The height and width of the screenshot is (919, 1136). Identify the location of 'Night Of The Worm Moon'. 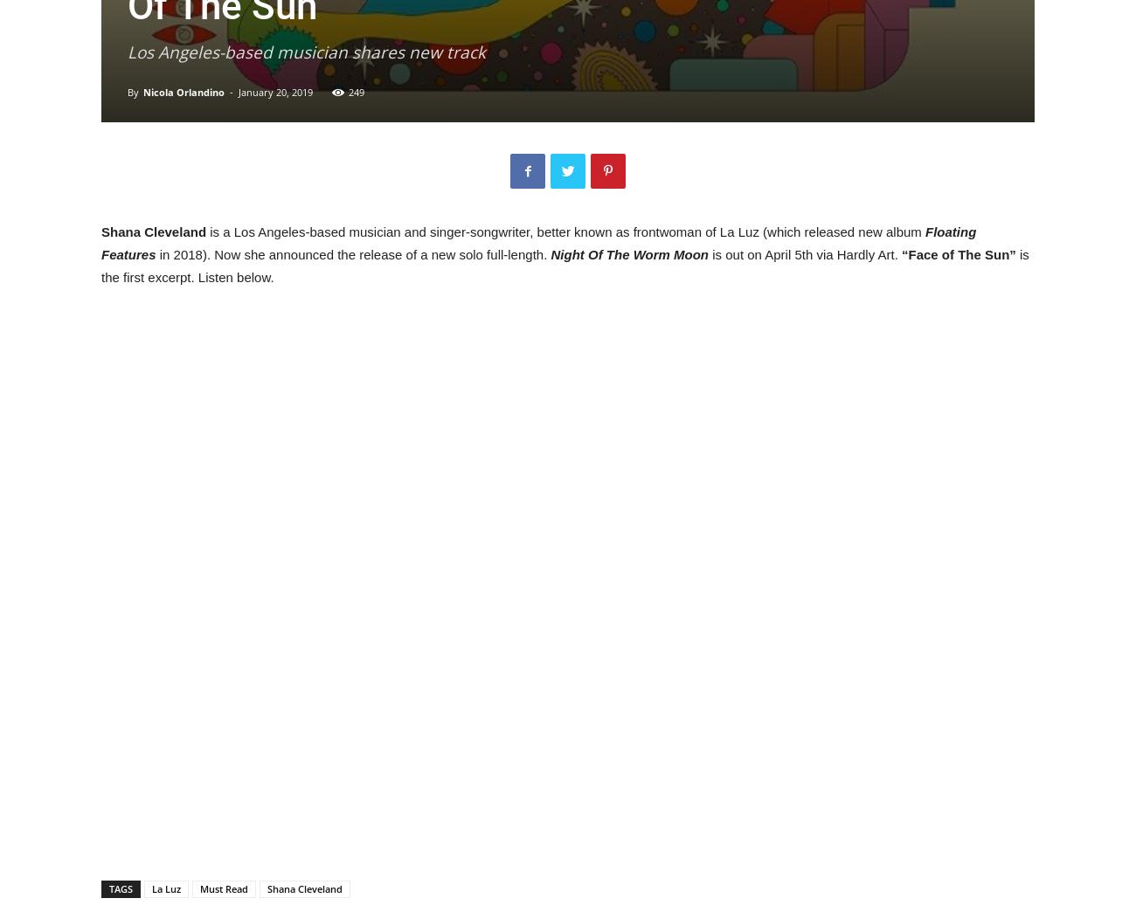
(550, 254).